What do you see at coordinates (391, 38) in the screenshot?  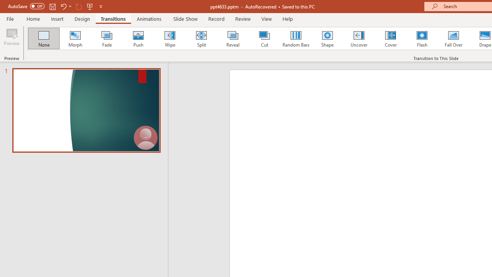 I see `'Cover'` at bounding box center [391, 38].